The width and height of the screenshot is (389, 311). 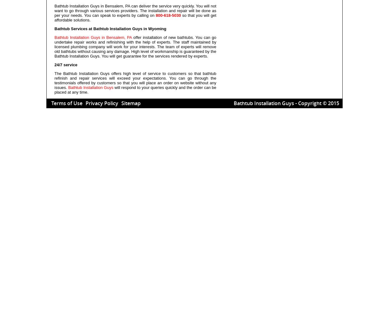 What do you see at coordinates (135, 18) in the screenshot?
I see `'so that you will get
                affordable solutions.'` at bounding box center [135, 18].